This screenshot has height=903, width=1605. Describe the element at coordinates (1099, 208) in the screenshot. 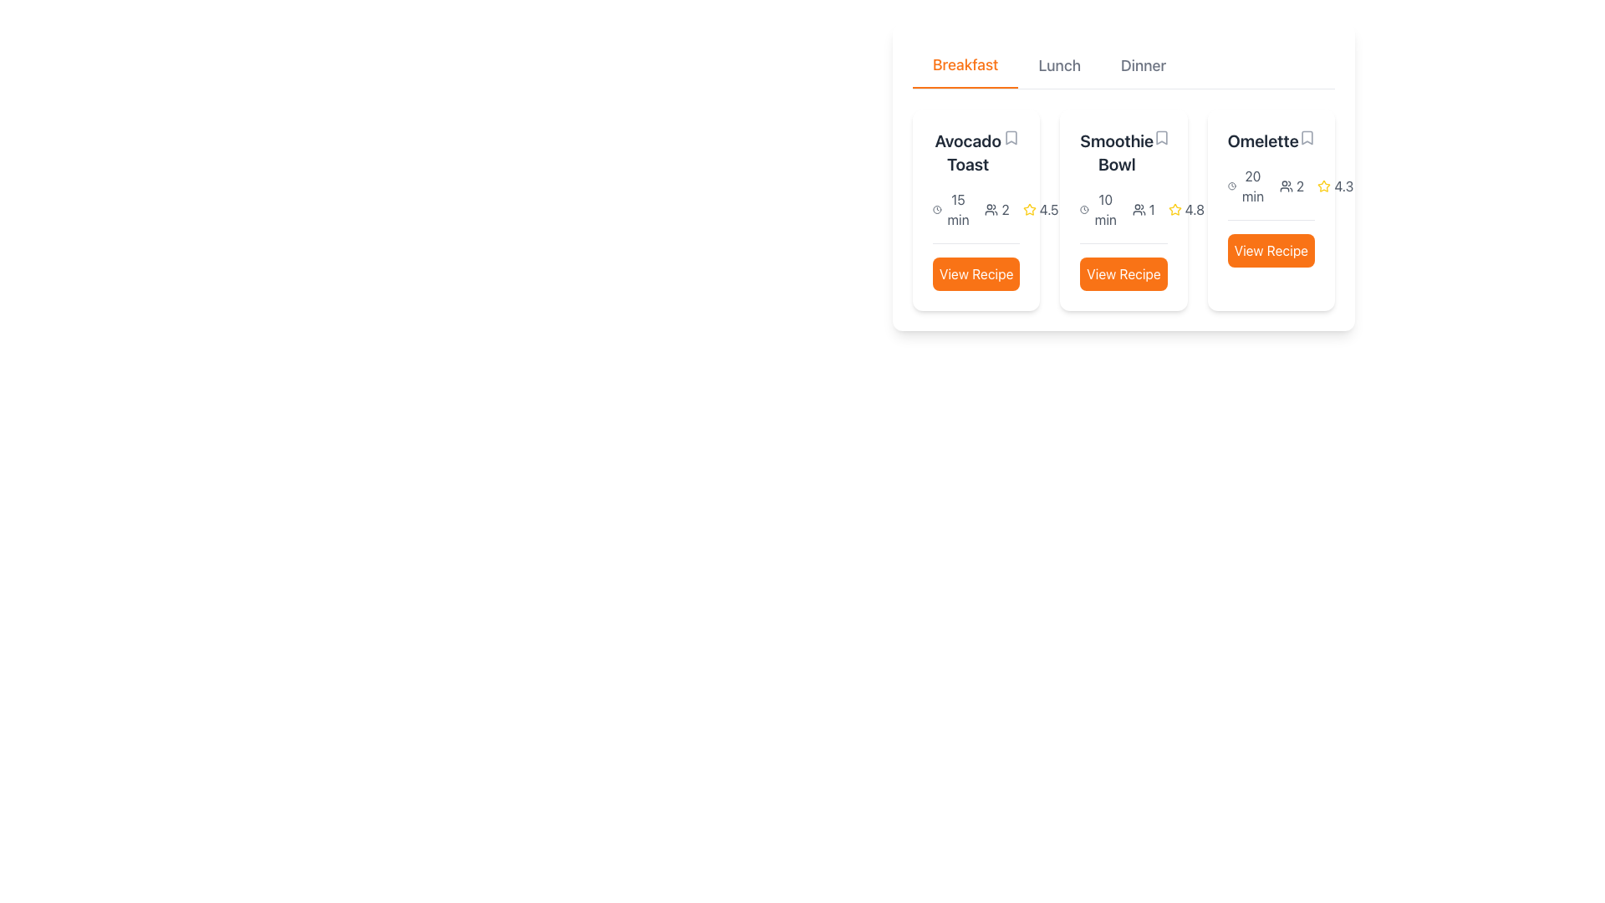

I see `the text '10 min' with the clock icon in the metadata row of the 'Smoothie Bowl' recipe card` at that location.